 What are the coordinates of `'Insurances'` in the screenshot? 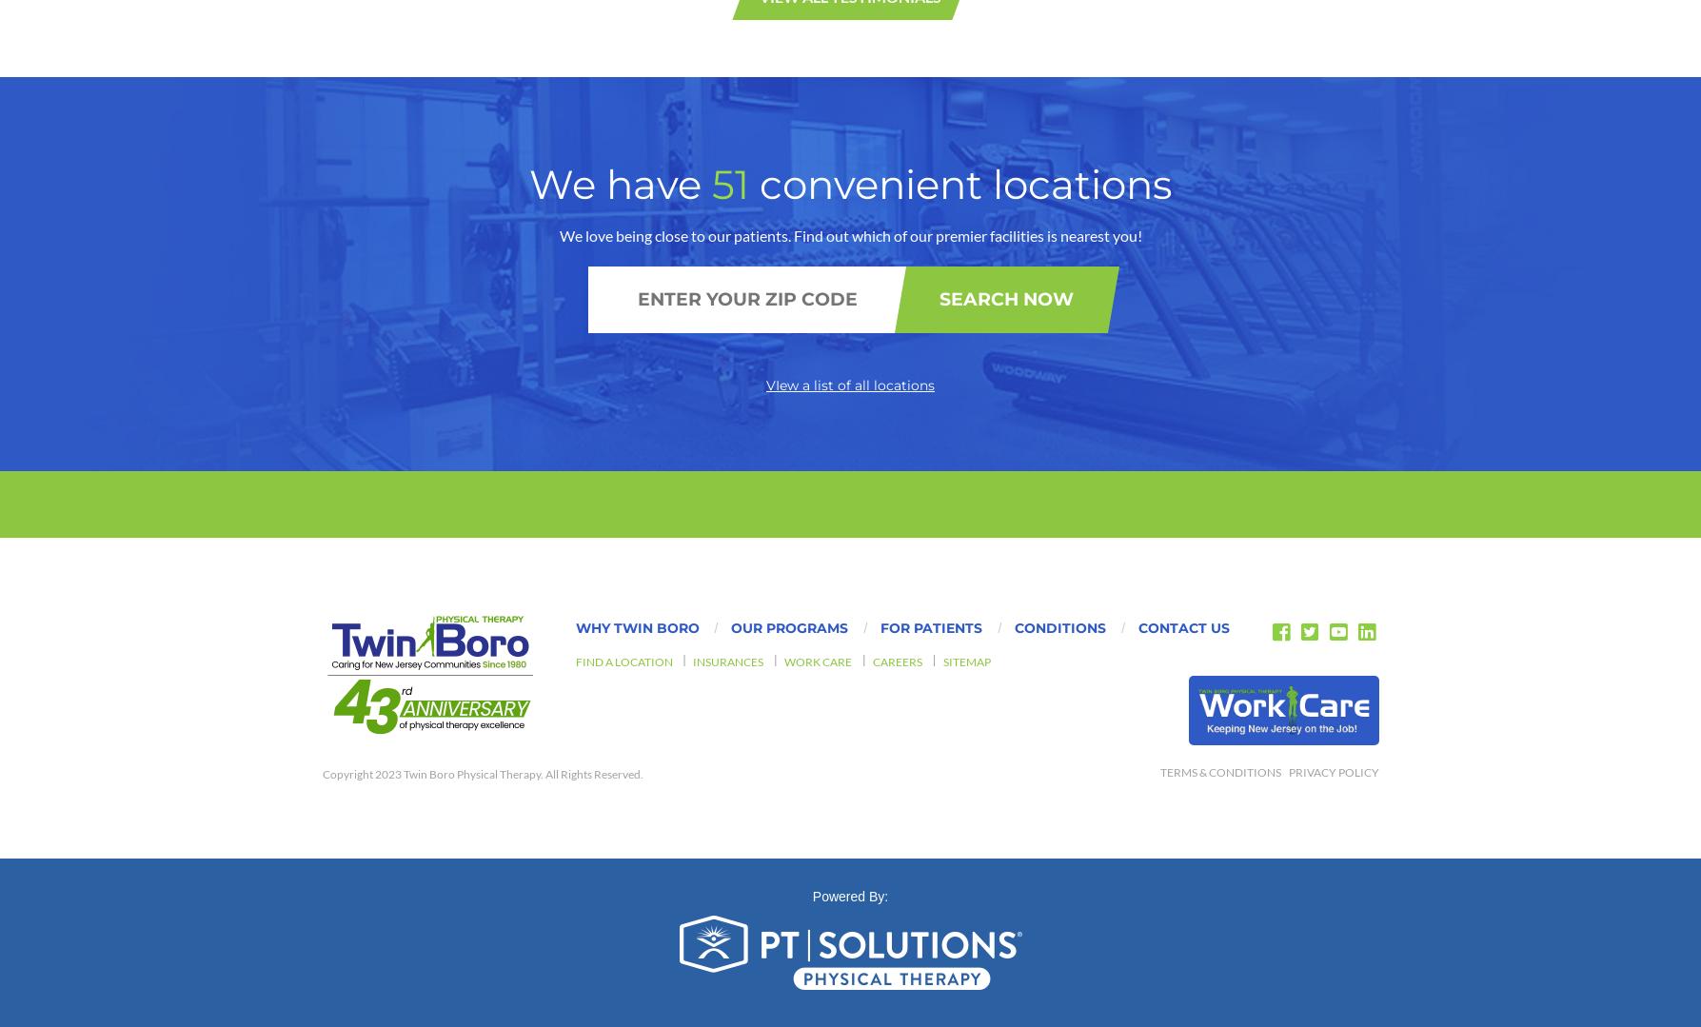 It's located at (728, 203).